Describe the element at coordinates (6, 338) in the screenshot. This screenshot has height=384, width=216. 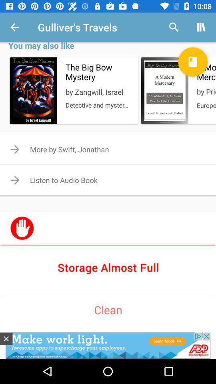
I see `the close icon` at that location.